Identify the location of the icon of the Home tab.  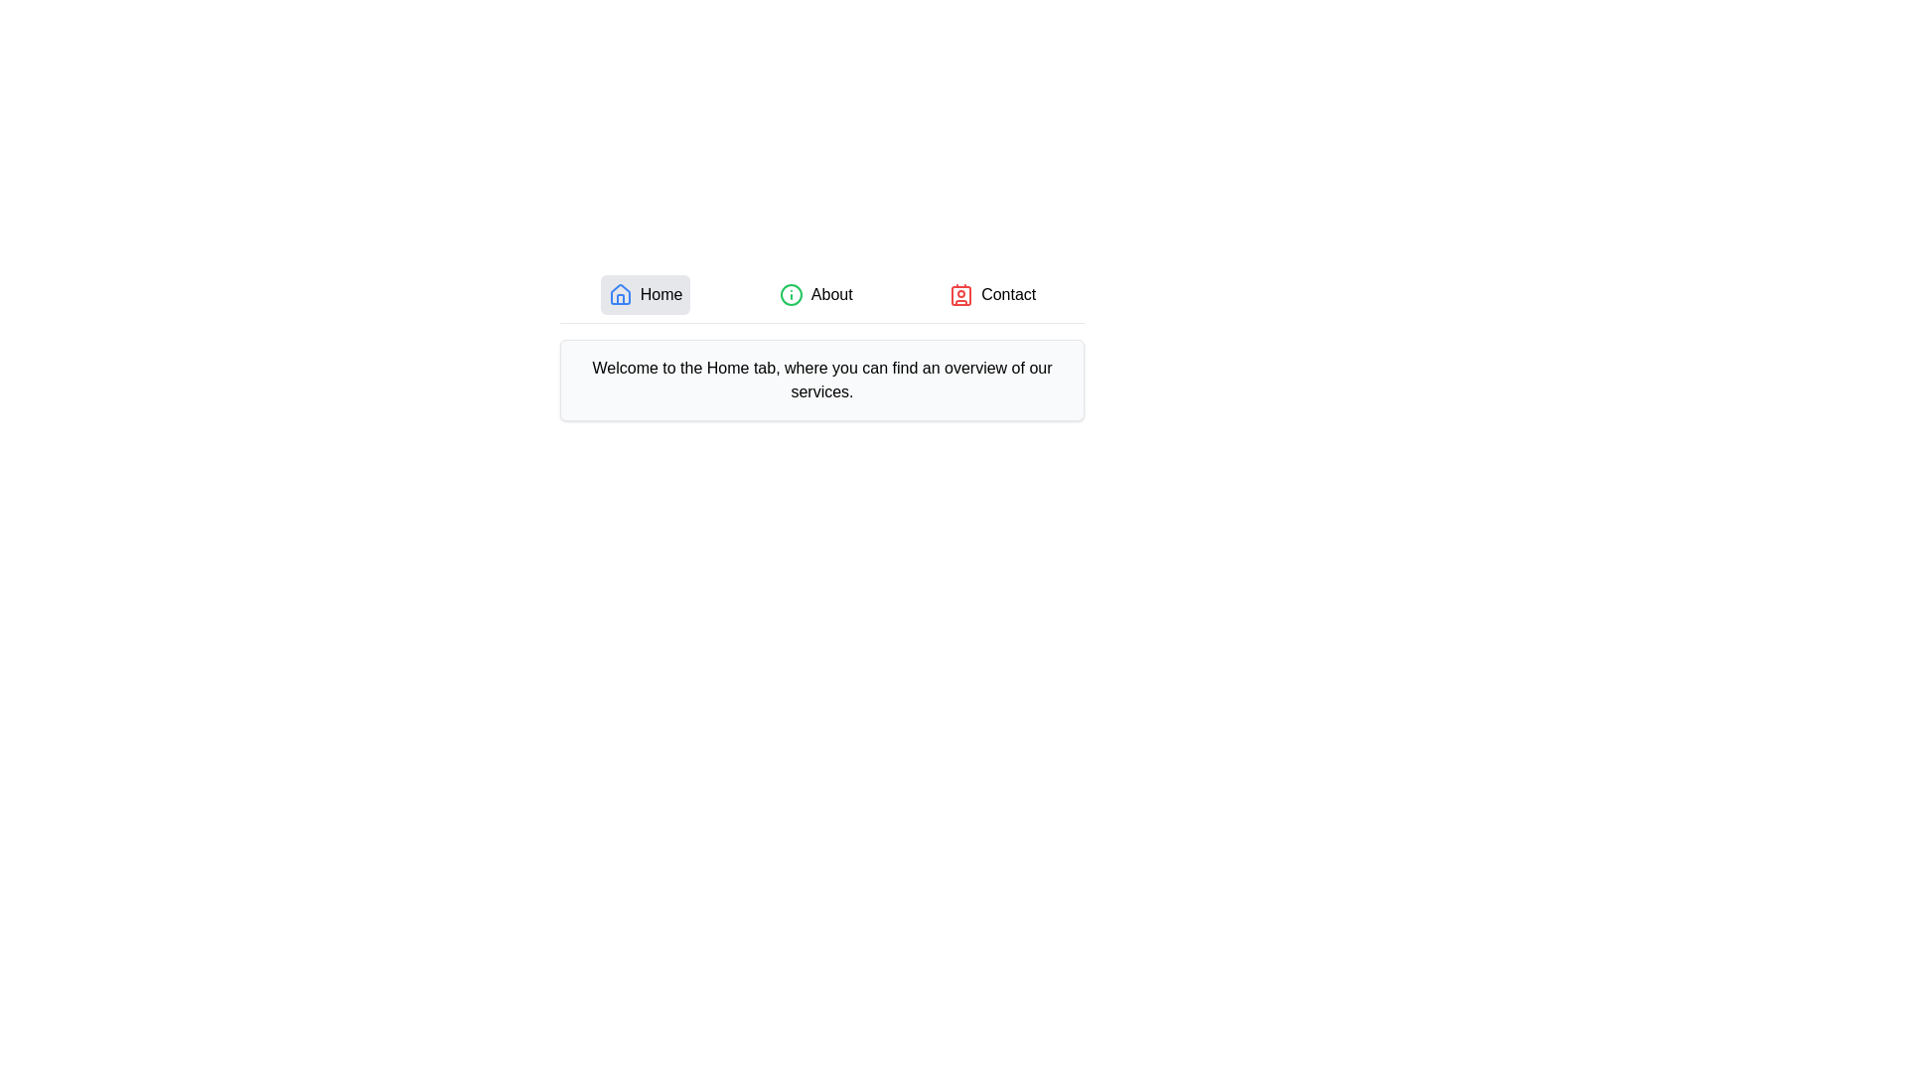
(619, 295).